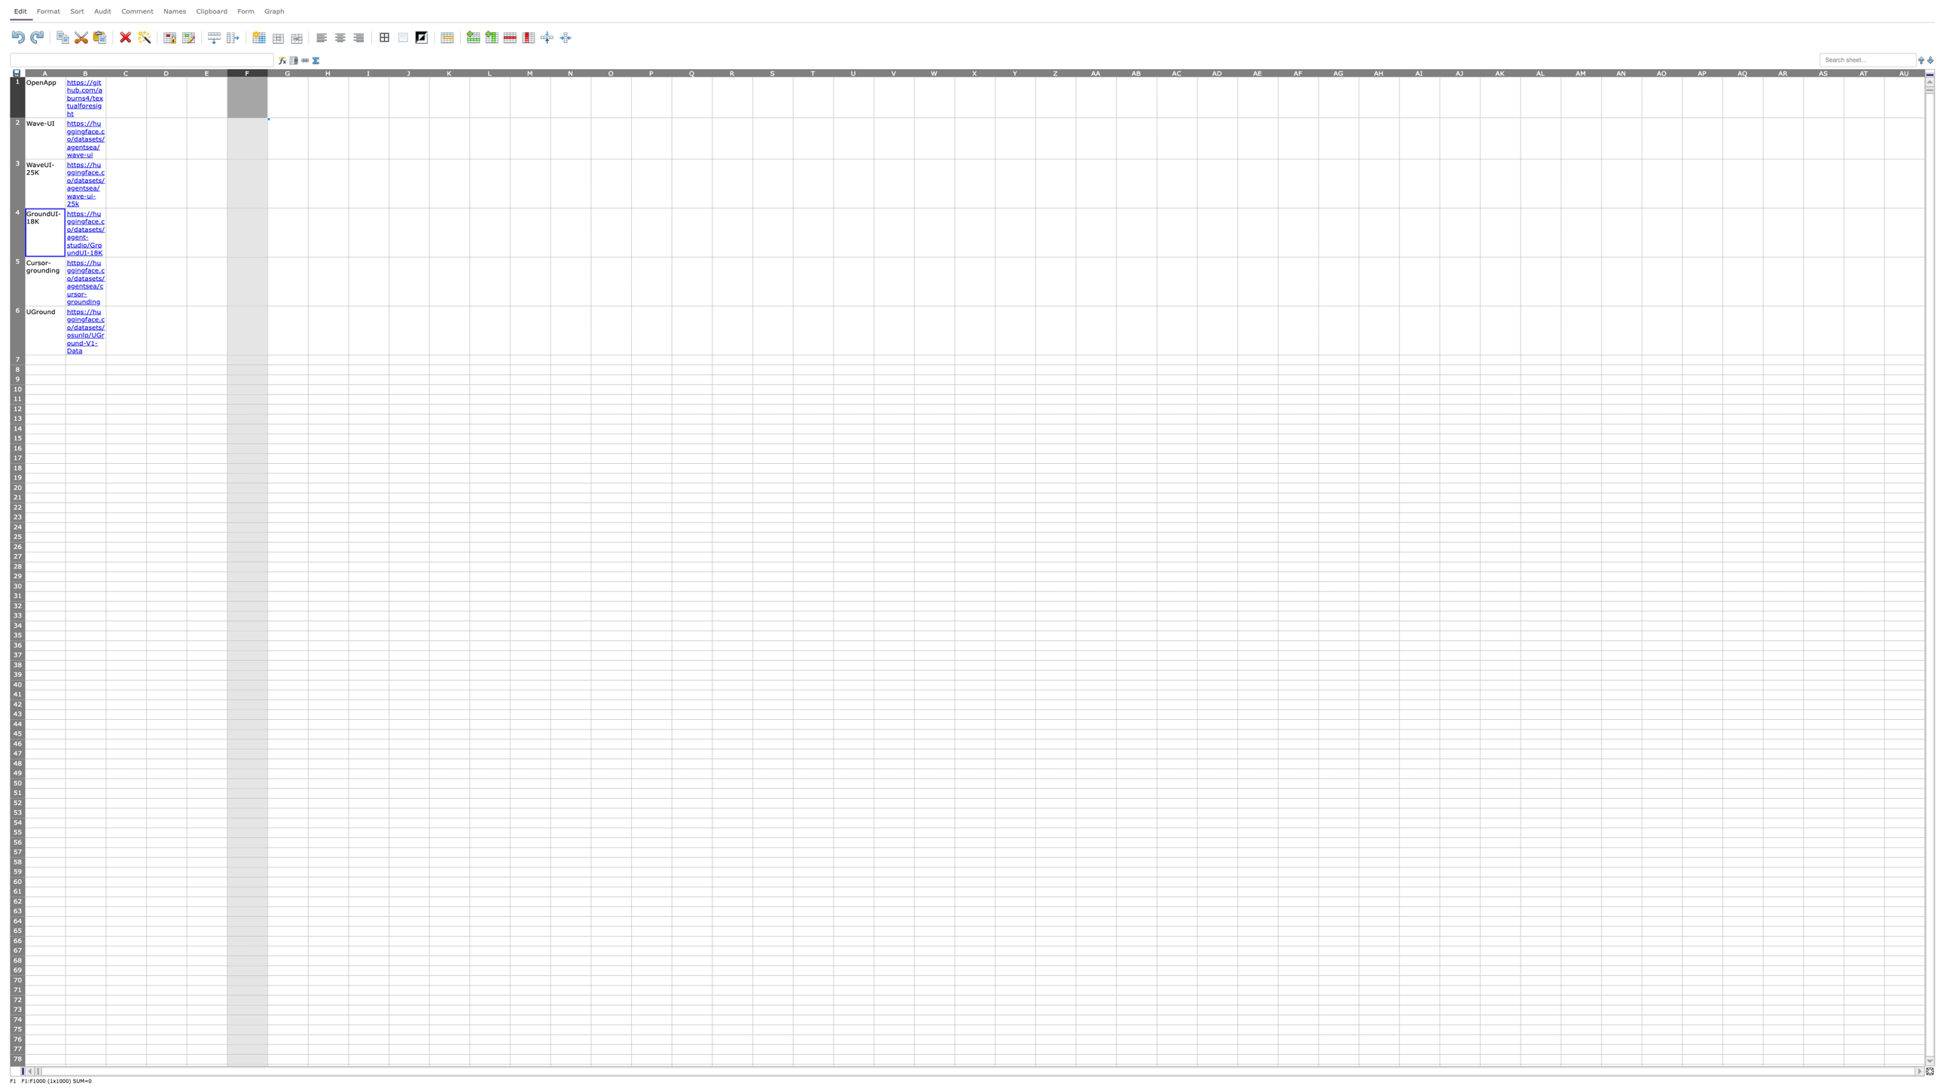 The image size is (1940, 1091). I want to click on Activate column H, so click(328, 72).